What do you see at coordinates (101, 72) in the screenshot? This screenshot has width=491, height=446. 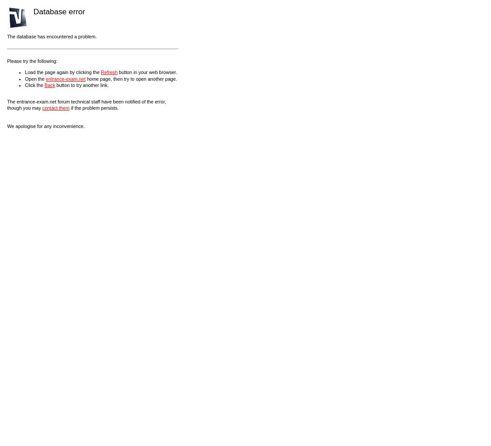 I see `'Refresh'` at bounding box center [101, 72].